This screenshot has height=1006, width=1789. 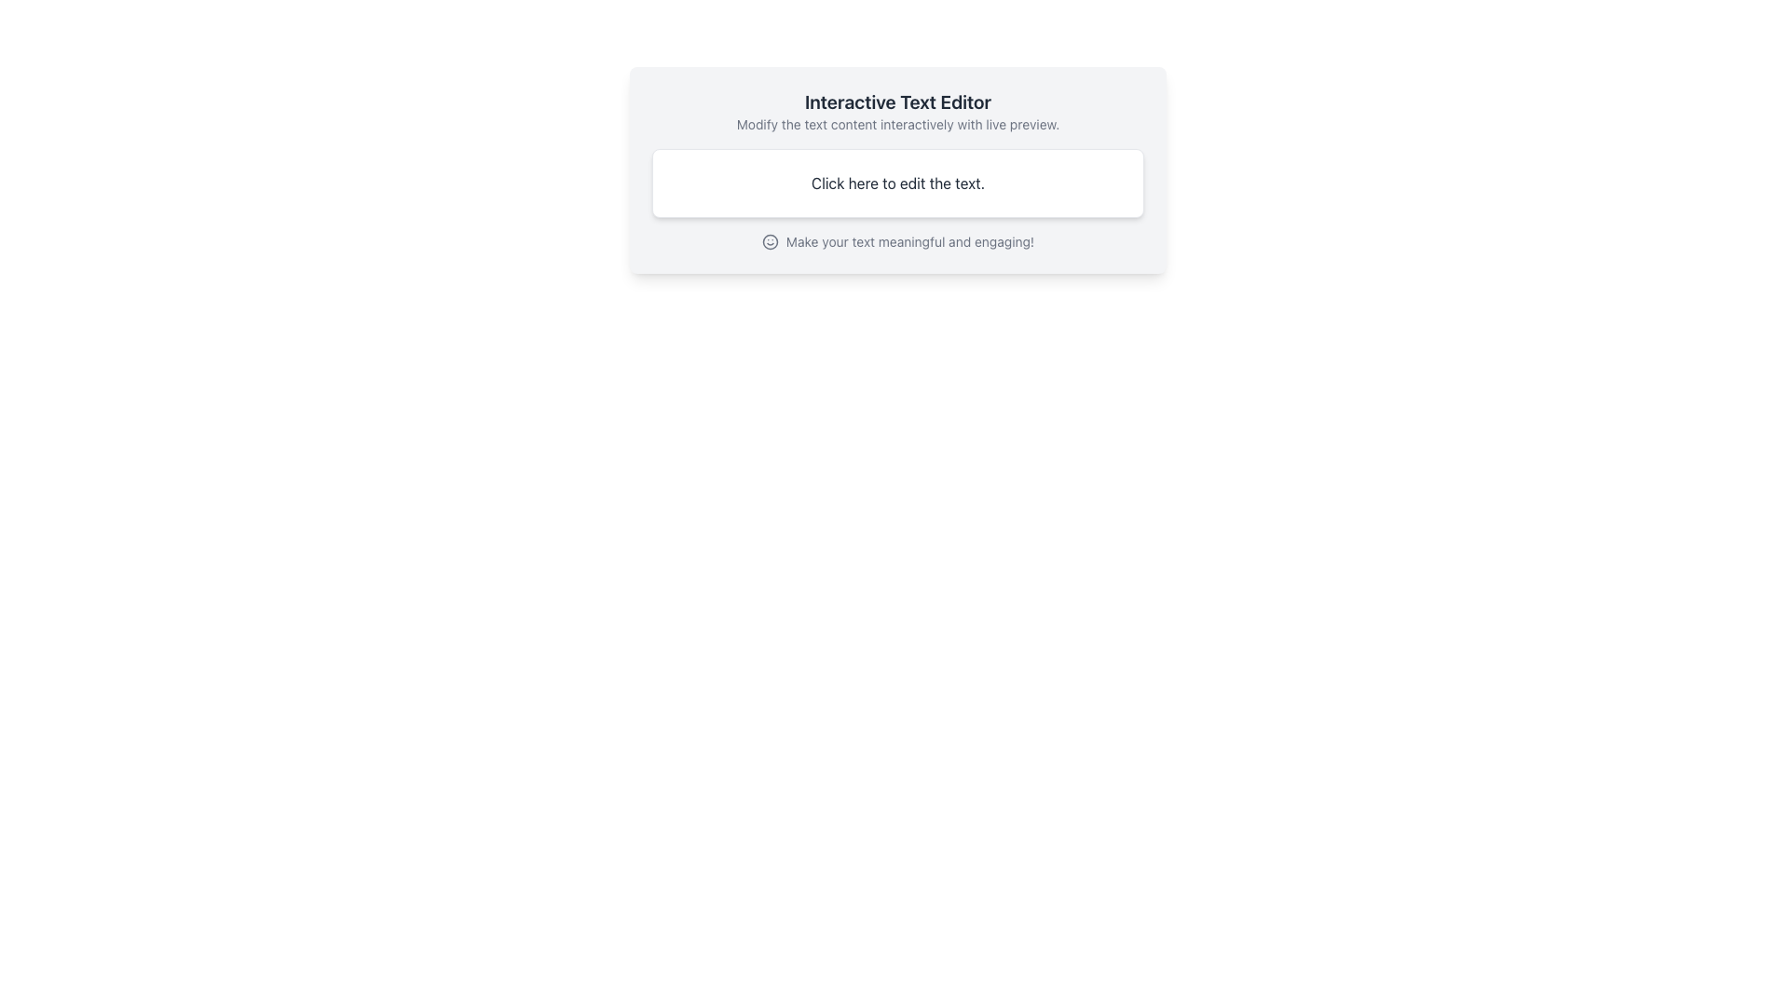 I want to click on the text label that contains the phrase 'Make your text meaningful and engaging!' styled with a light gray font, located below the button labeled 'Click here to edit the text.', so click(x=898, y=240).